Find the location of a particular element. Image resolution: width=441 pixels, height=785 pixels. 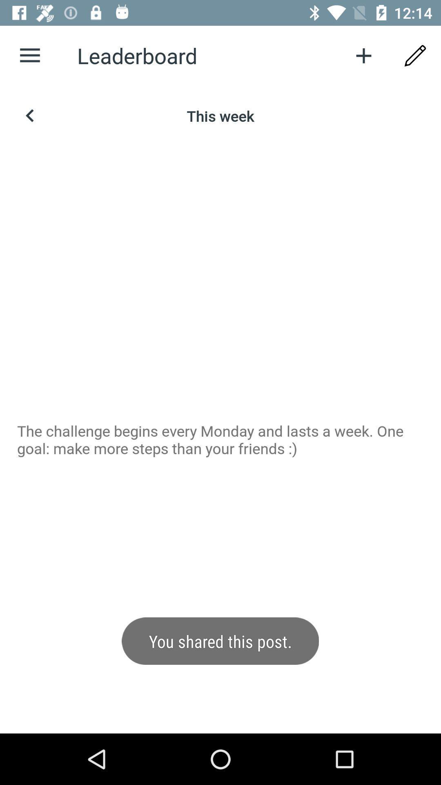

the arrow_backward icon is located at coordinates (29, 115).